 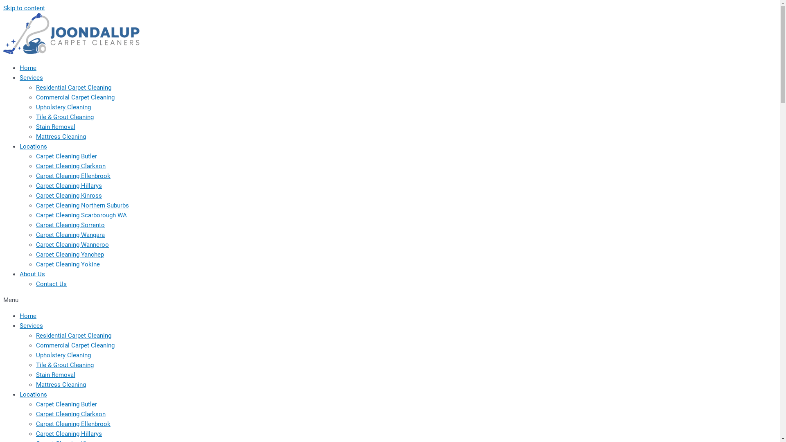 I want to click on 'Carpet Cleaning Hillarys', so click(x=69, y=433).